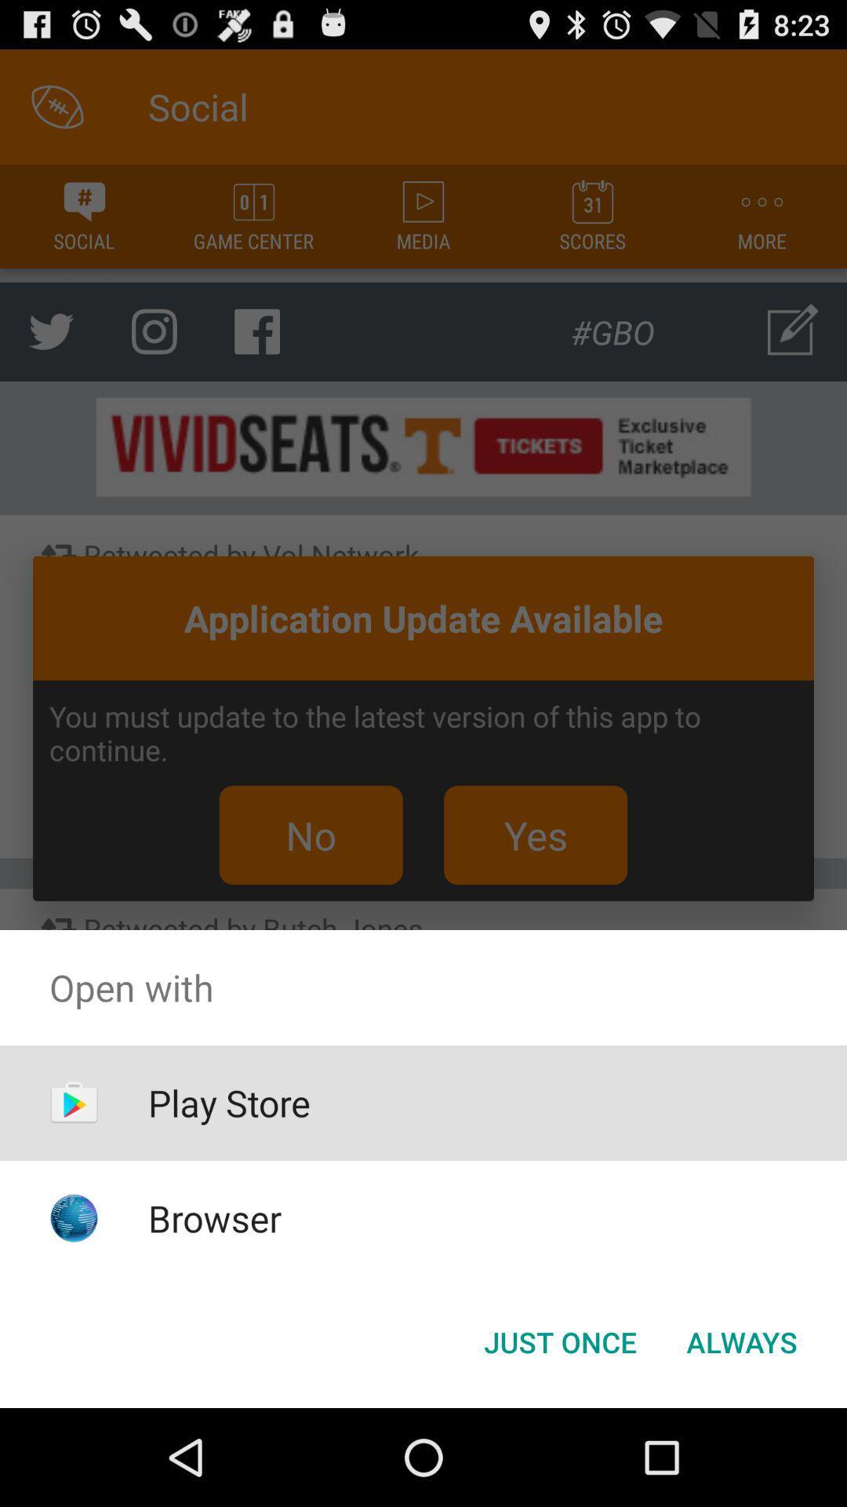  Describe the element at coordinates (229, 1102) in the screenshot. I see `the play store icon` at that location.